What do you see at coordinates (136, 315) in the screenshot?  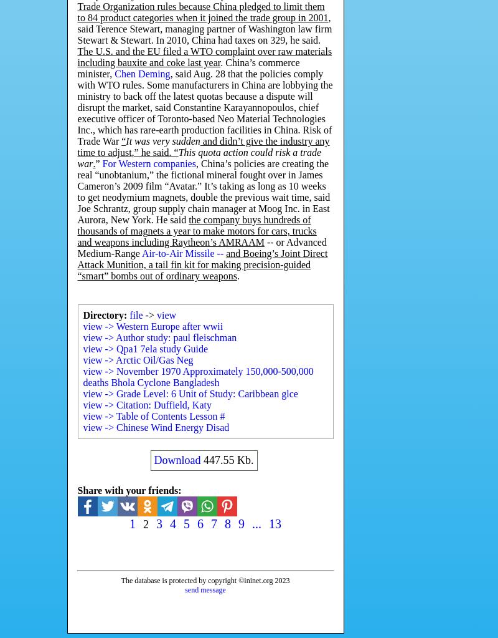 I see `'file'` at bounding box center [136, 315].